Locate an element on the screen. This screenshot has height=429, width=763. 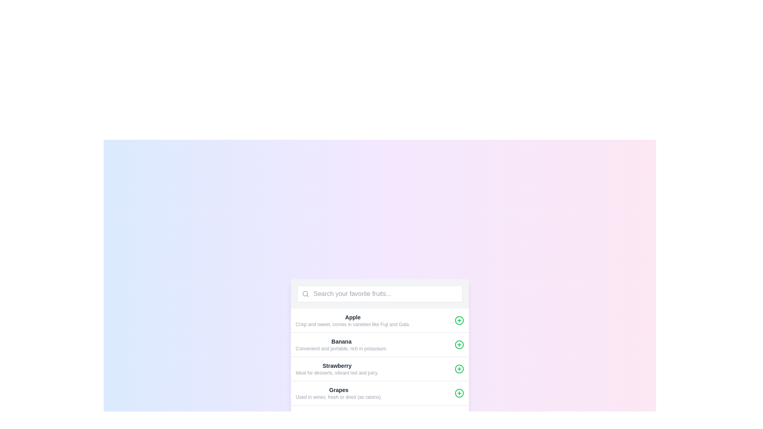
the search bar located at the top section of the list of selectable fruit options to focus on it is located at coordinates (379, 294).